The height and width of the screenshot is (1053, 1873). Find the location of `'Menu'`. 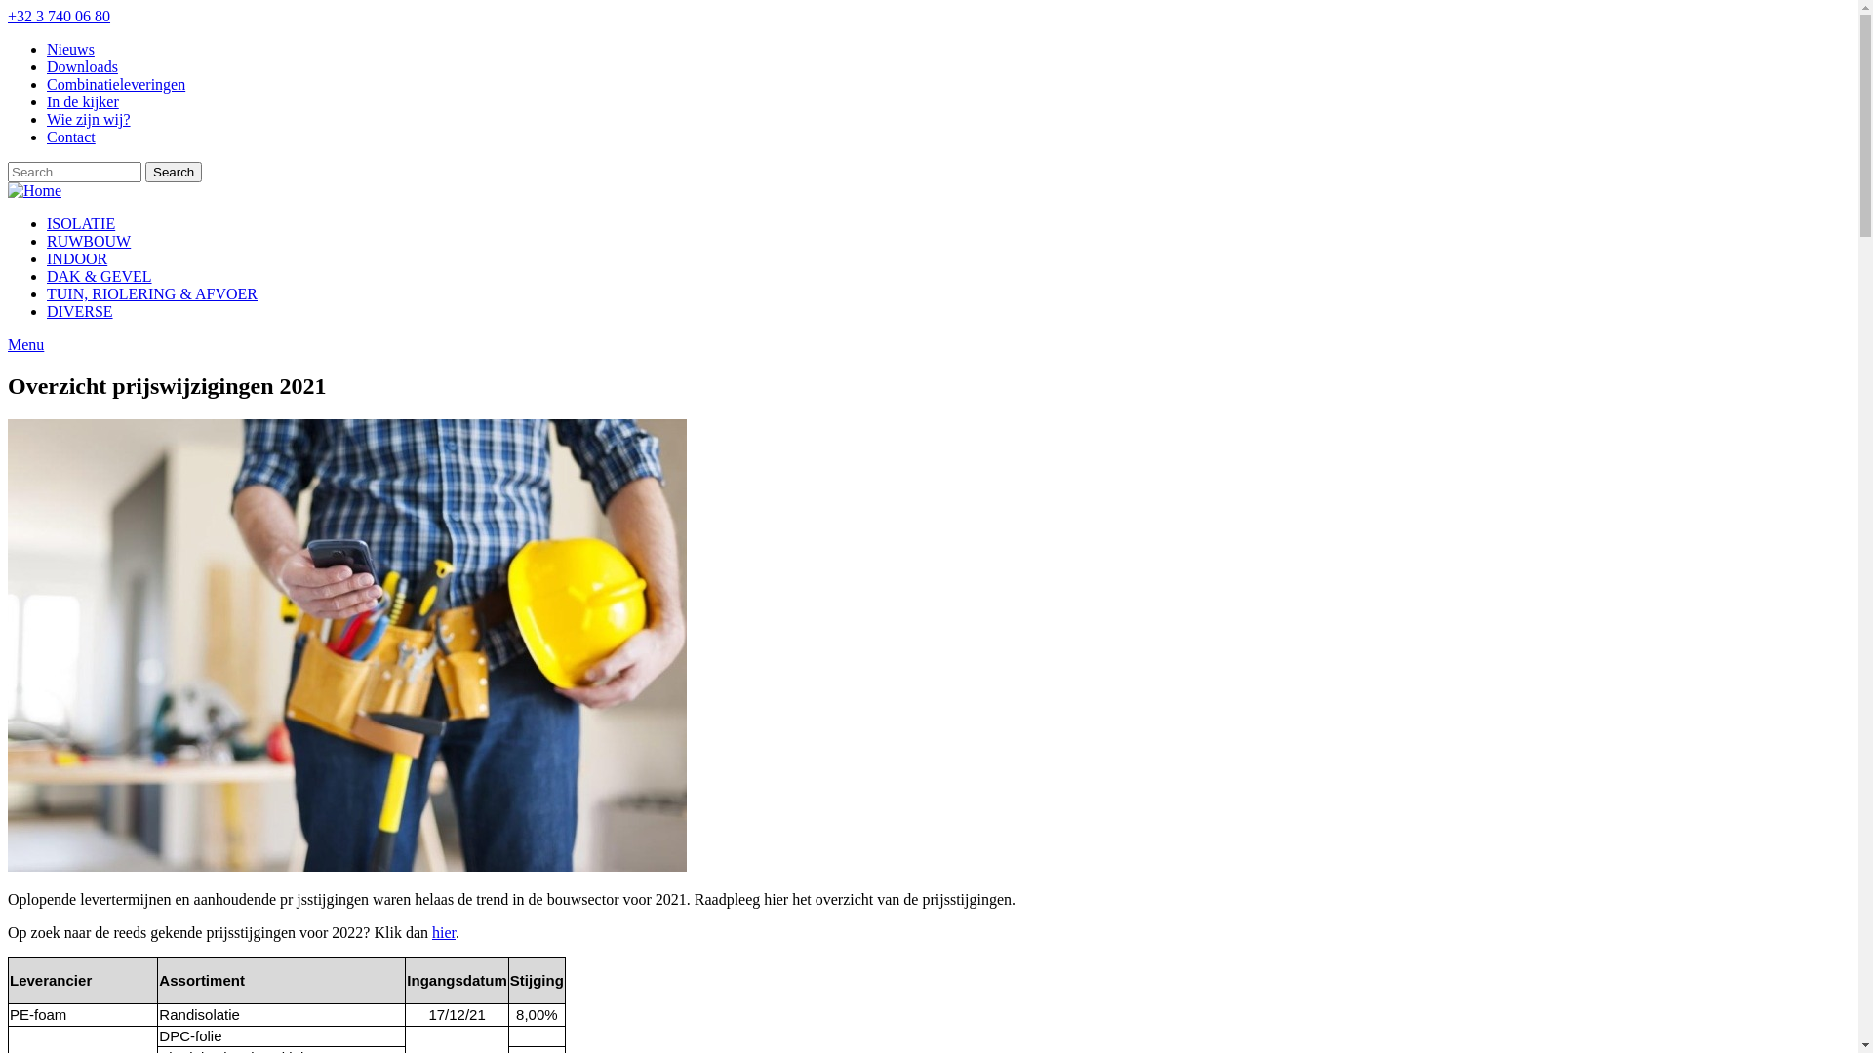

'Menu' is located at coordinates (8, 343).